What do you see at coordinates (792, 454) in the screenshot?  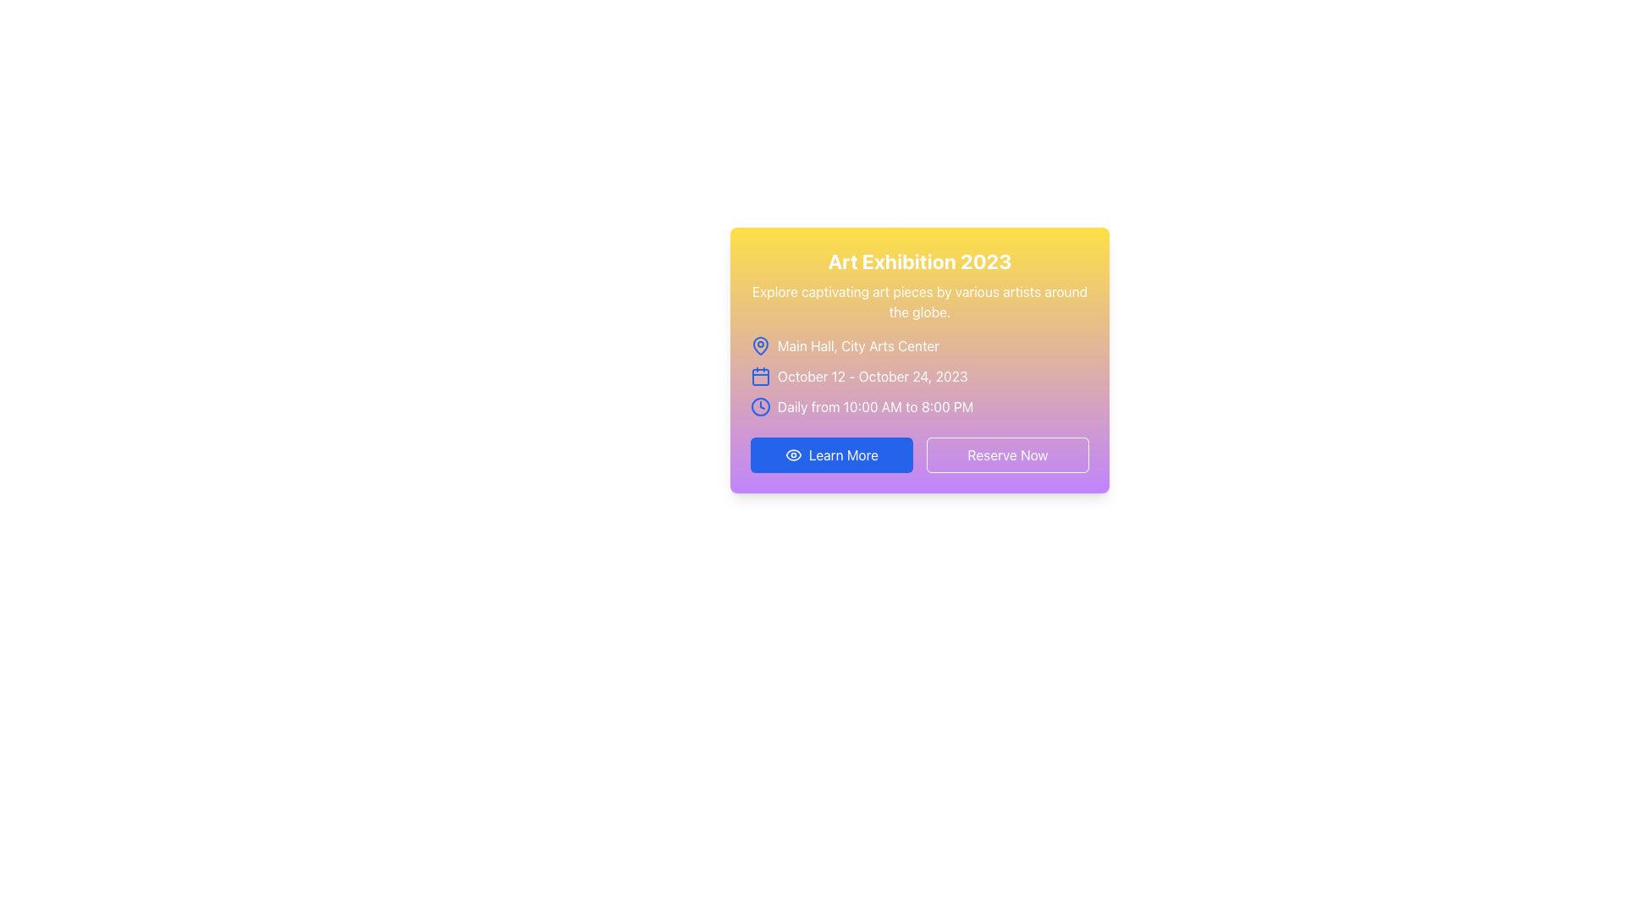 I see `the 'Learn More' button which contains the eye-shaped icon on its left side` at bounding box center [792, 454].